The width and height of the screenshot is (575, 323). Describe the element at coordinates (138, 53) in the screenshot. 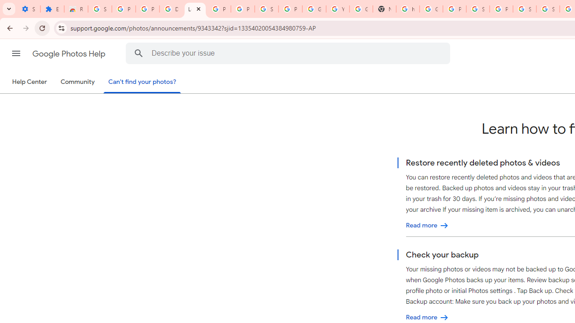

I see `'Search Help Center'` at that location.